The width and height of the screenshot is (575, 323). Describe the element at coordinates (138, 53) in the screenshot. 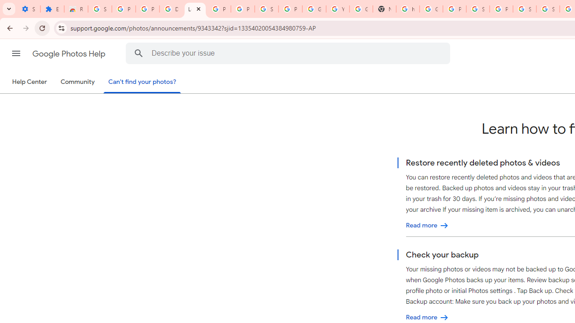

I see `'Search Help Center'` at that location.